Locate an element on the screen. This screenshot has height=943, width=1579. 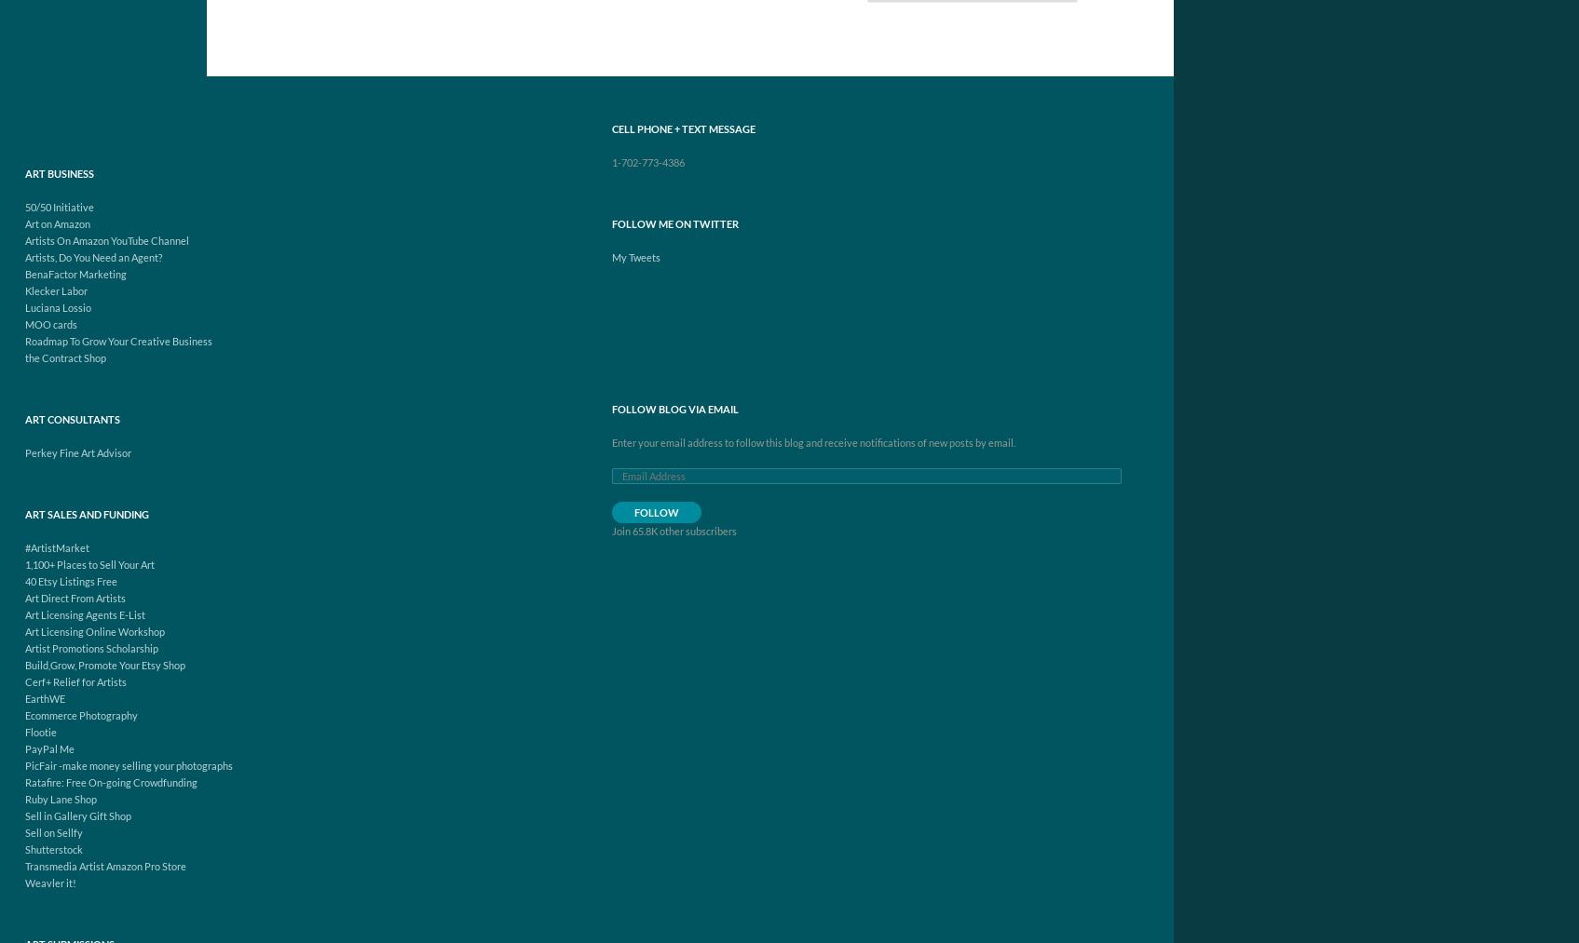
'1-702-773-4386' is located at coordinates (647, 162).